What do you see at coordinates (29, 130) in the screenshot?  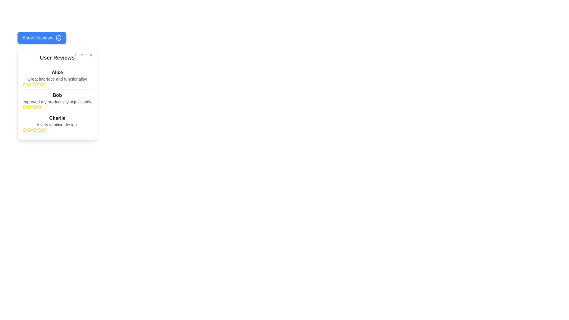 I see `second yellow star icon in the rating system for its properties, which is part of Charlie's review in the 'User Reviews' panel` at bounding box center [29, 130].